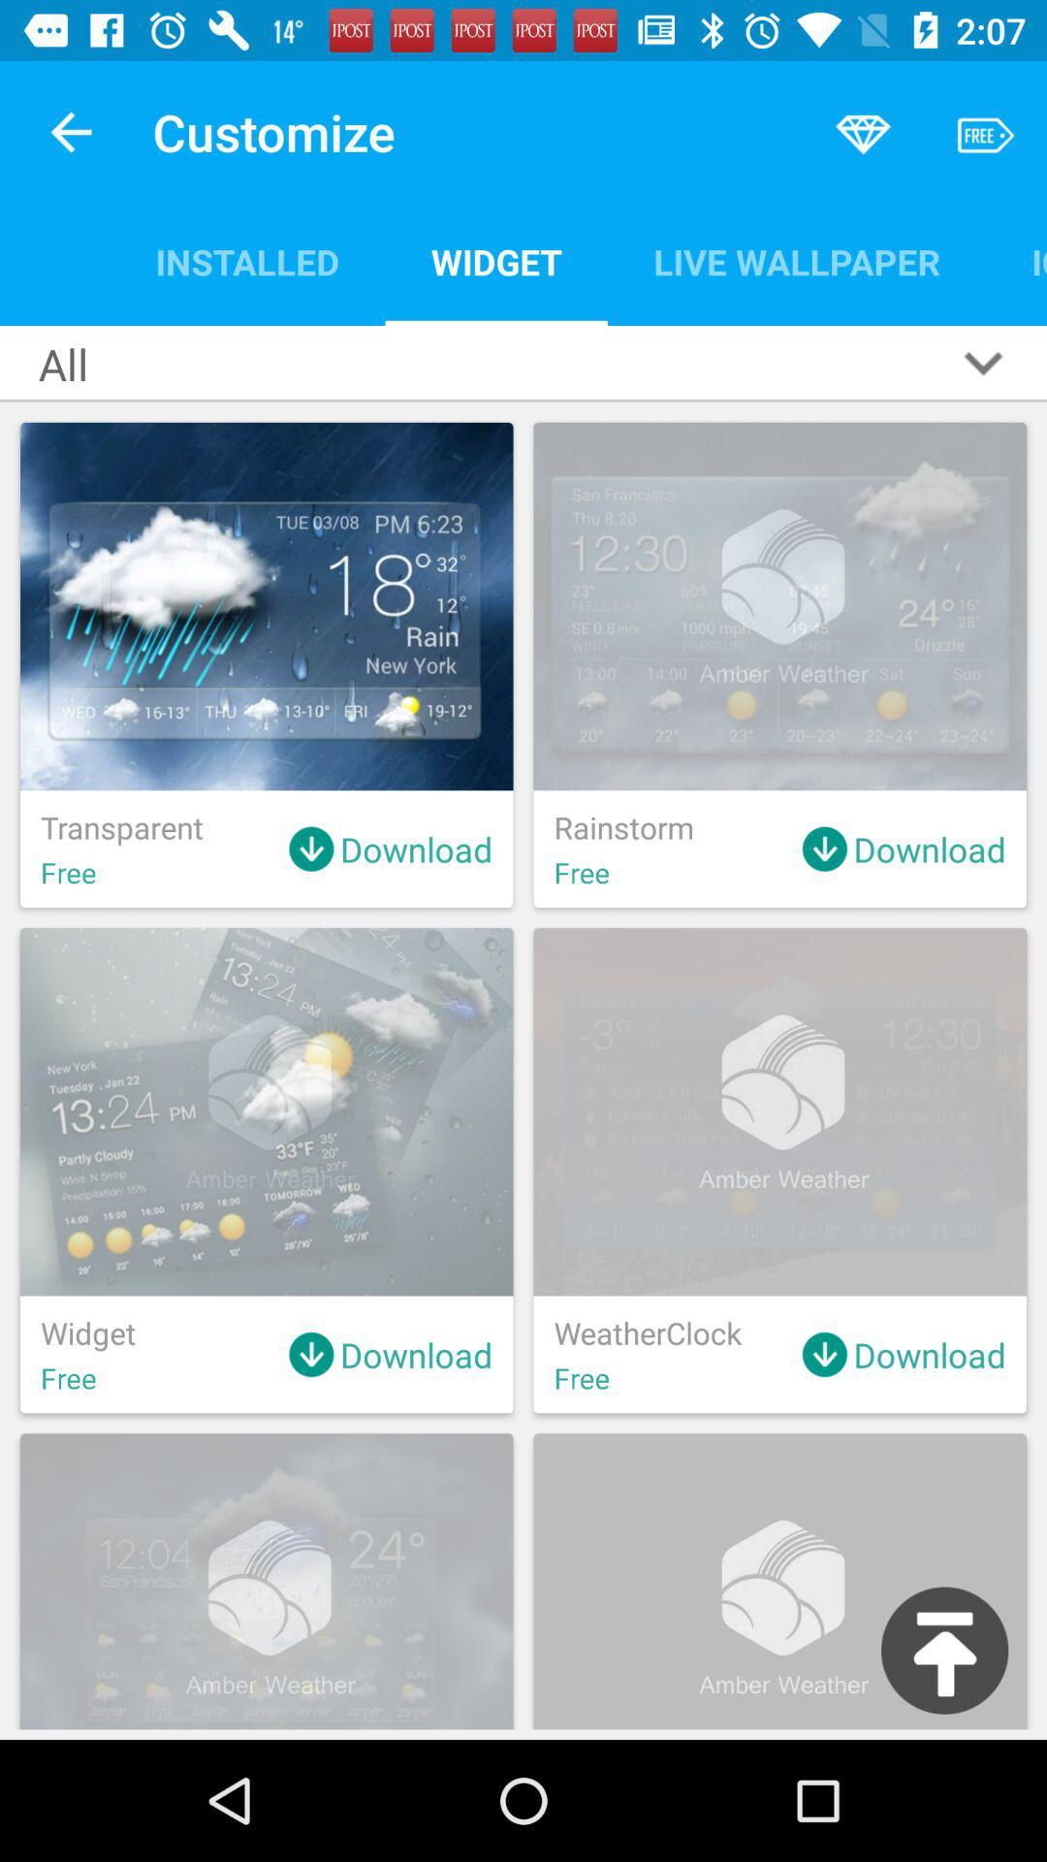 Image resolution: width=1047 pixels, height=1862 pixels. I want to click on item next to live wallpaper icon, so click(1015, 261).